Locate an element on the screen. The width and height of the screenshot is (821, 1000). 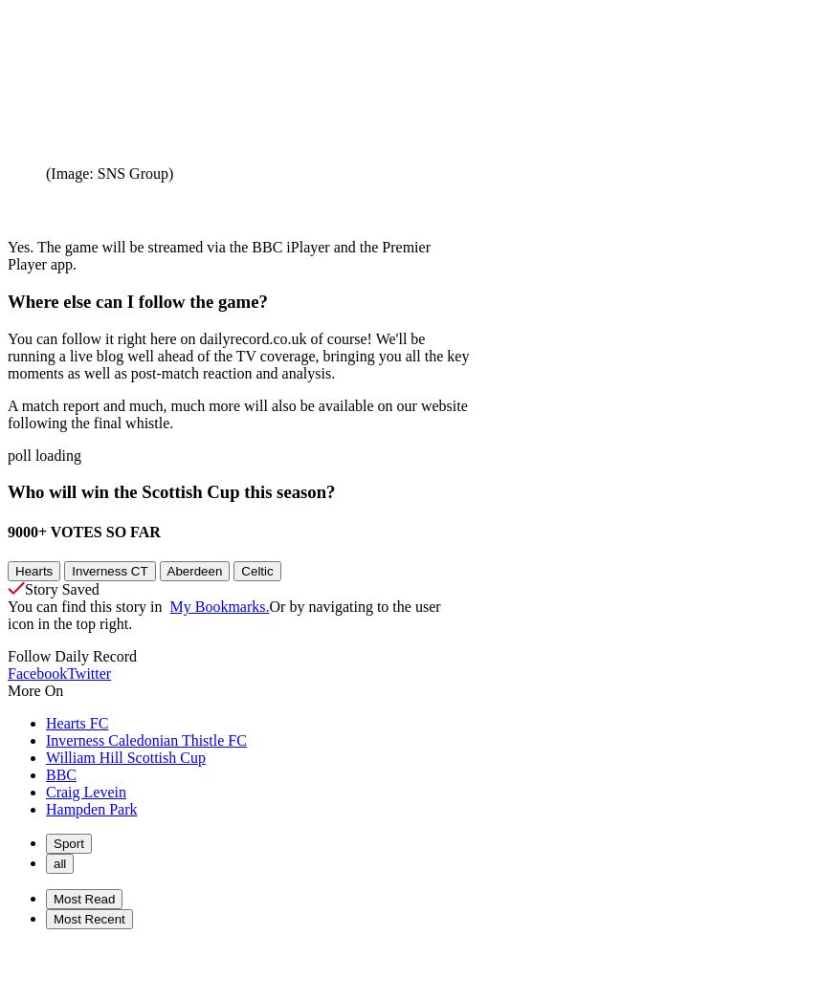
'Who will win the Scottish Cup this season?' is located at coordinates (170, 491).